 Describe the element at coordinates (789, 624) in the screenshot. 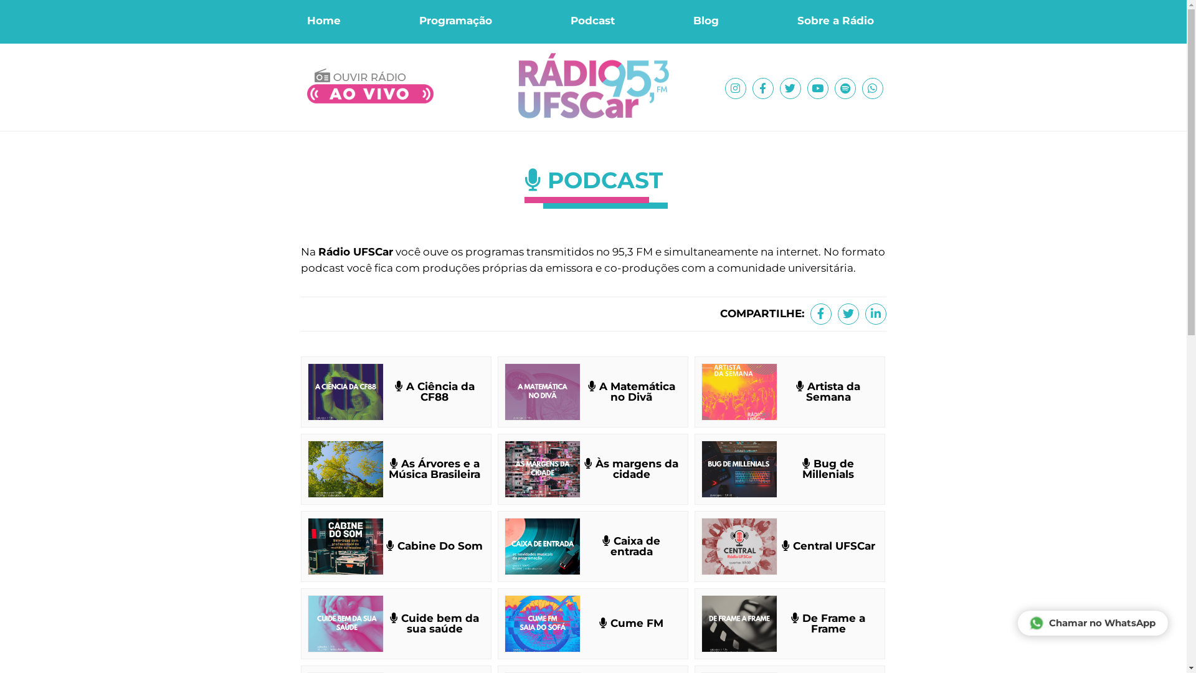

I see `'De Frame a Frame'` at that location.